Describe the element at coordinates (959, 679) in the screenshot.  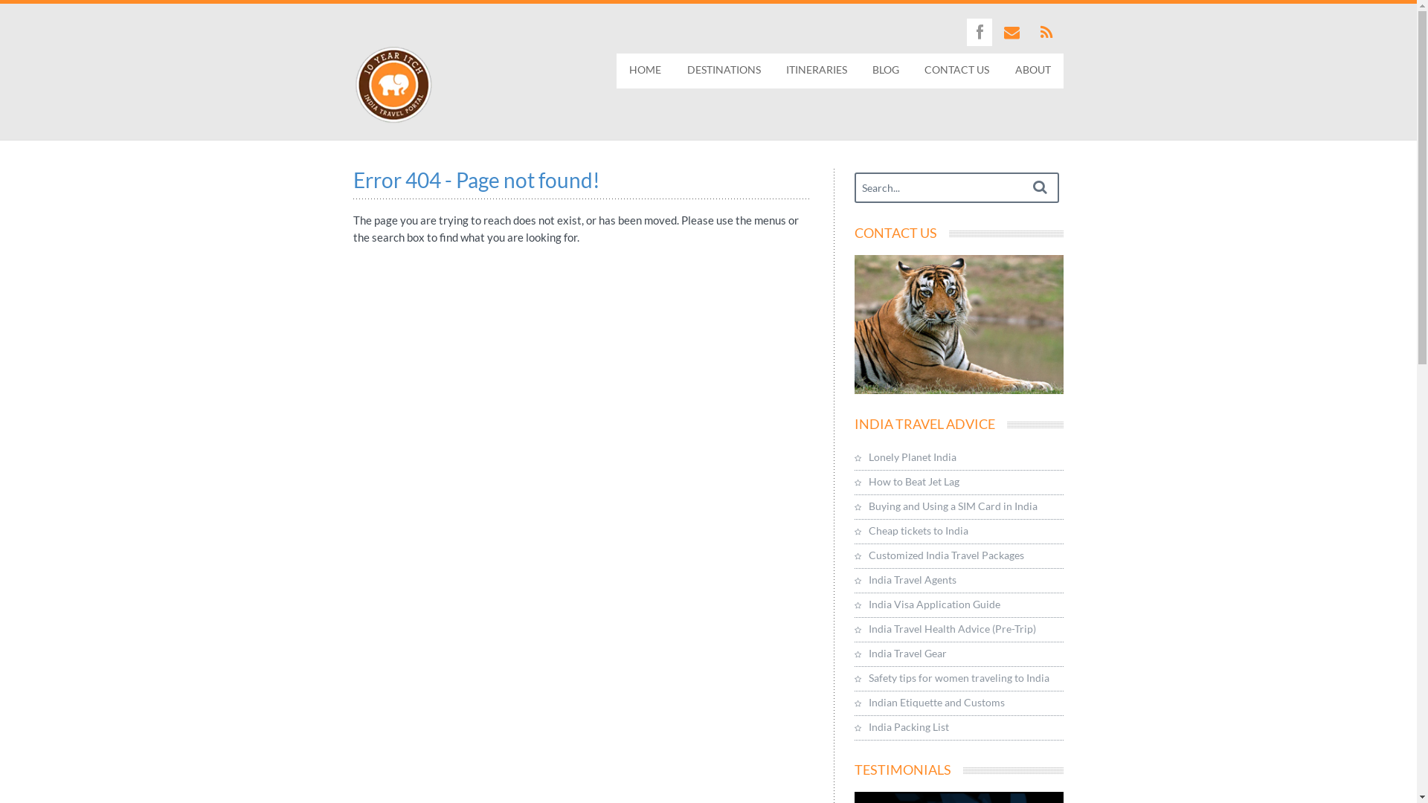
I see `'Safety tips for women traveling to India'` at that location.